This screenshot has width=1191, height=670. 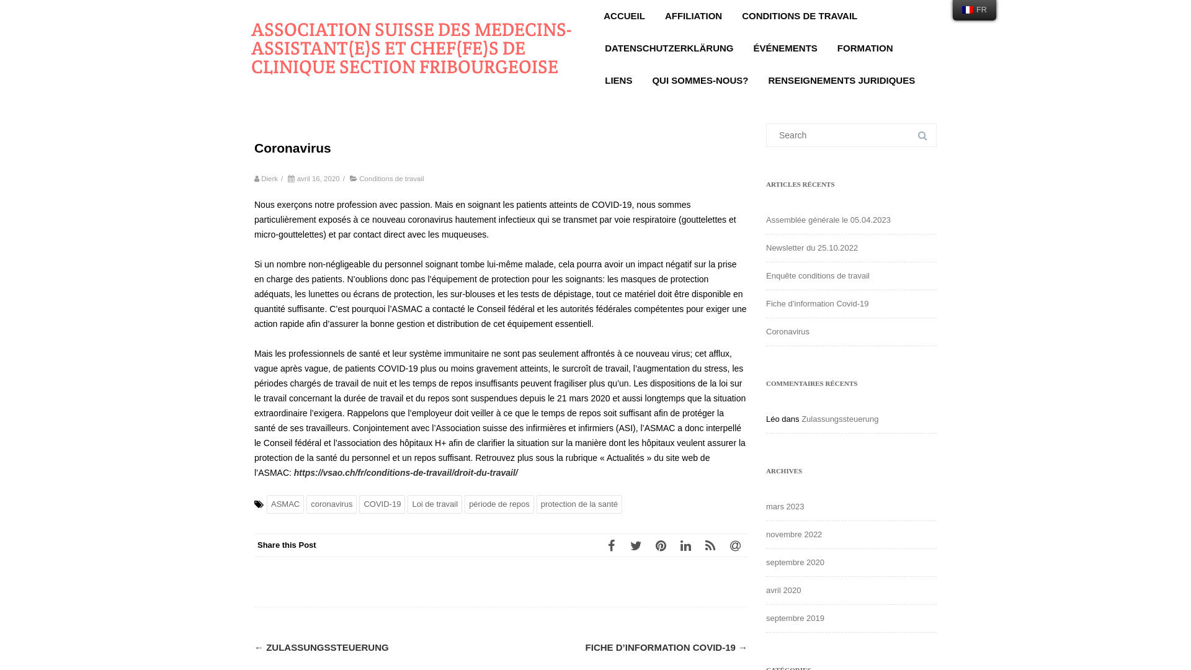 I want to click on 'Coronavirus', so click(x=787, y=331).